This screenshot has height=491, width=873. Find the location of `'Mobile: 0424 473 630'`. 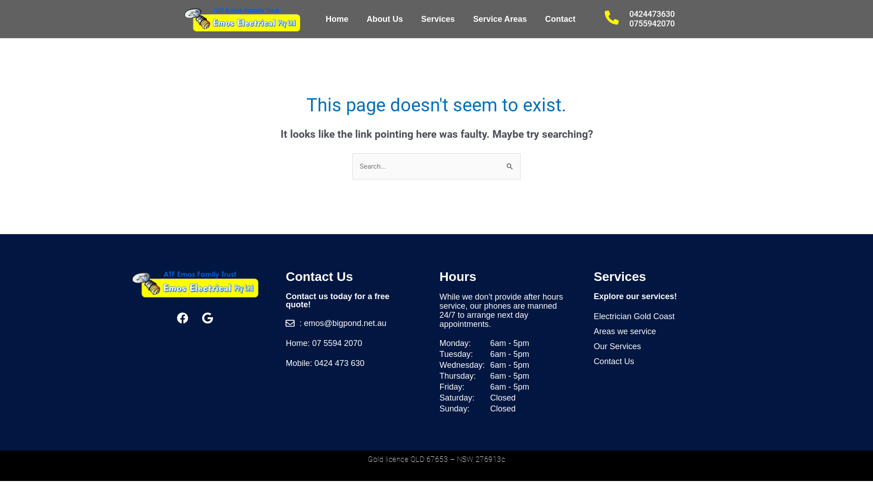

'Mobile: 0424 473 630' is located at coordinates (348, 362).